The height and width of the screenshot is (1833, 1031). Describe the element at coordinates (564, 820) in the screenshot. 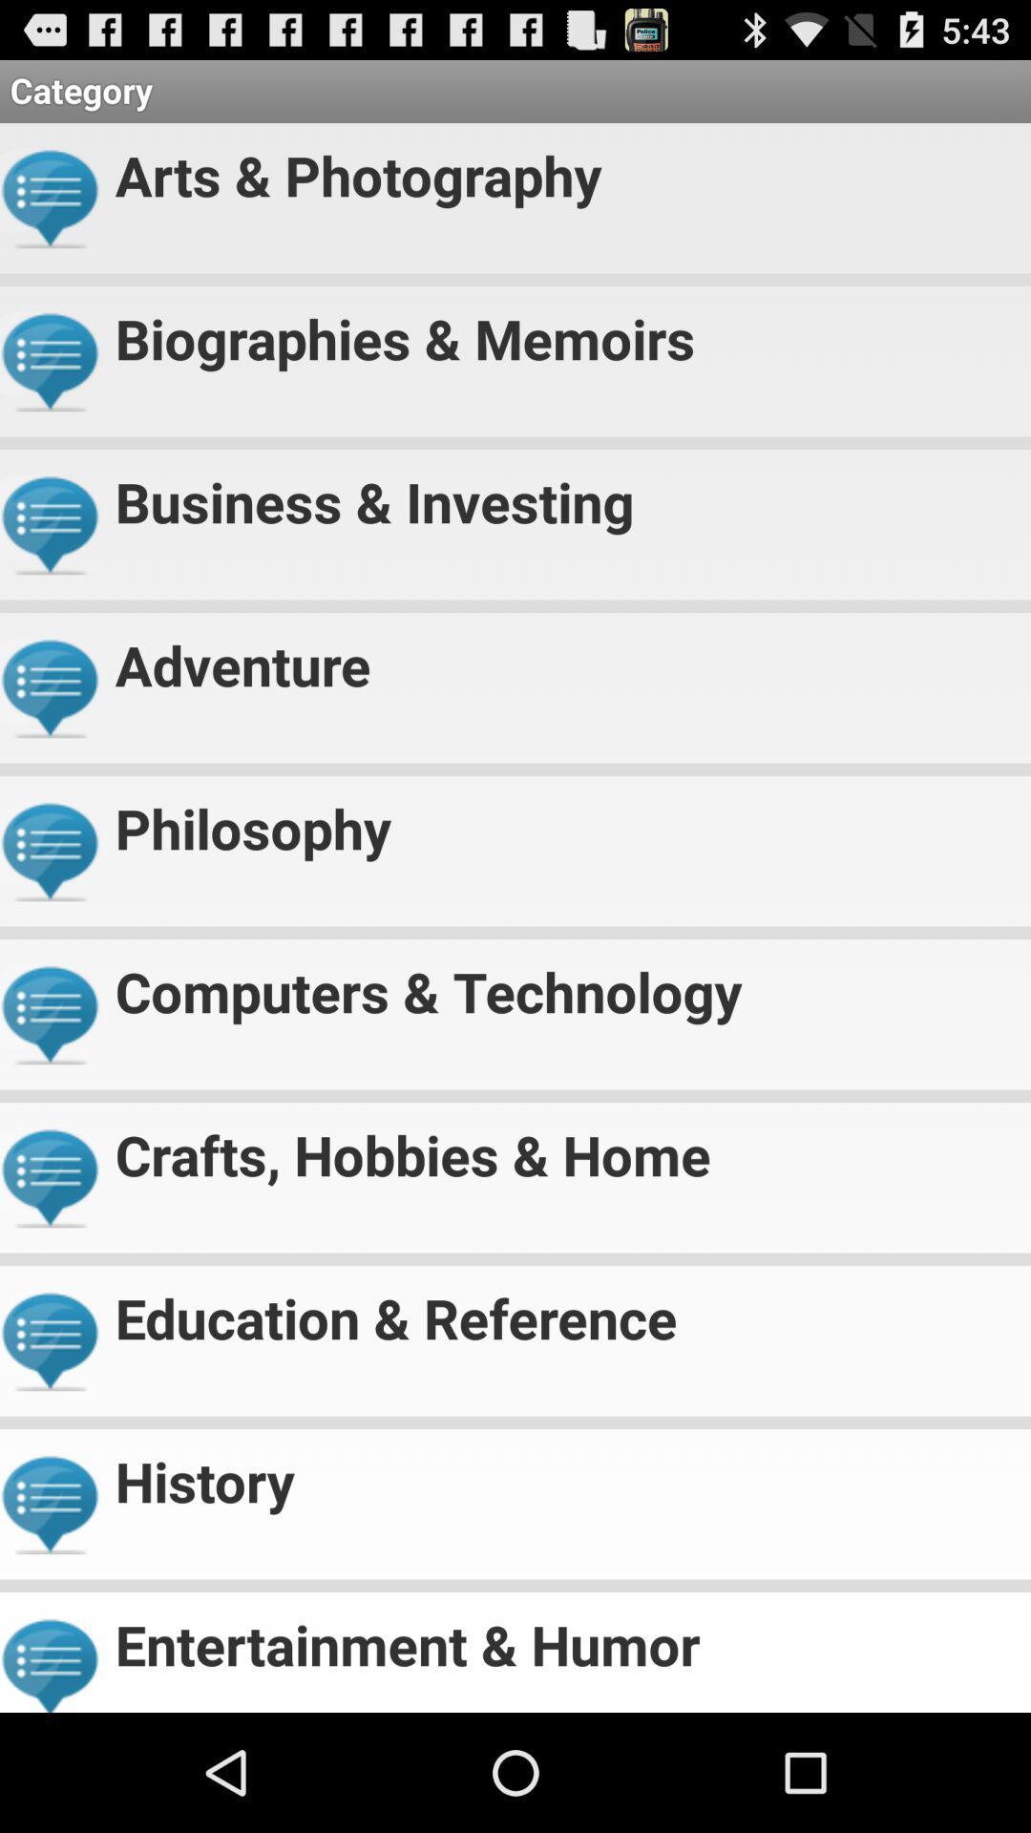

I see `philosophy` at that location.